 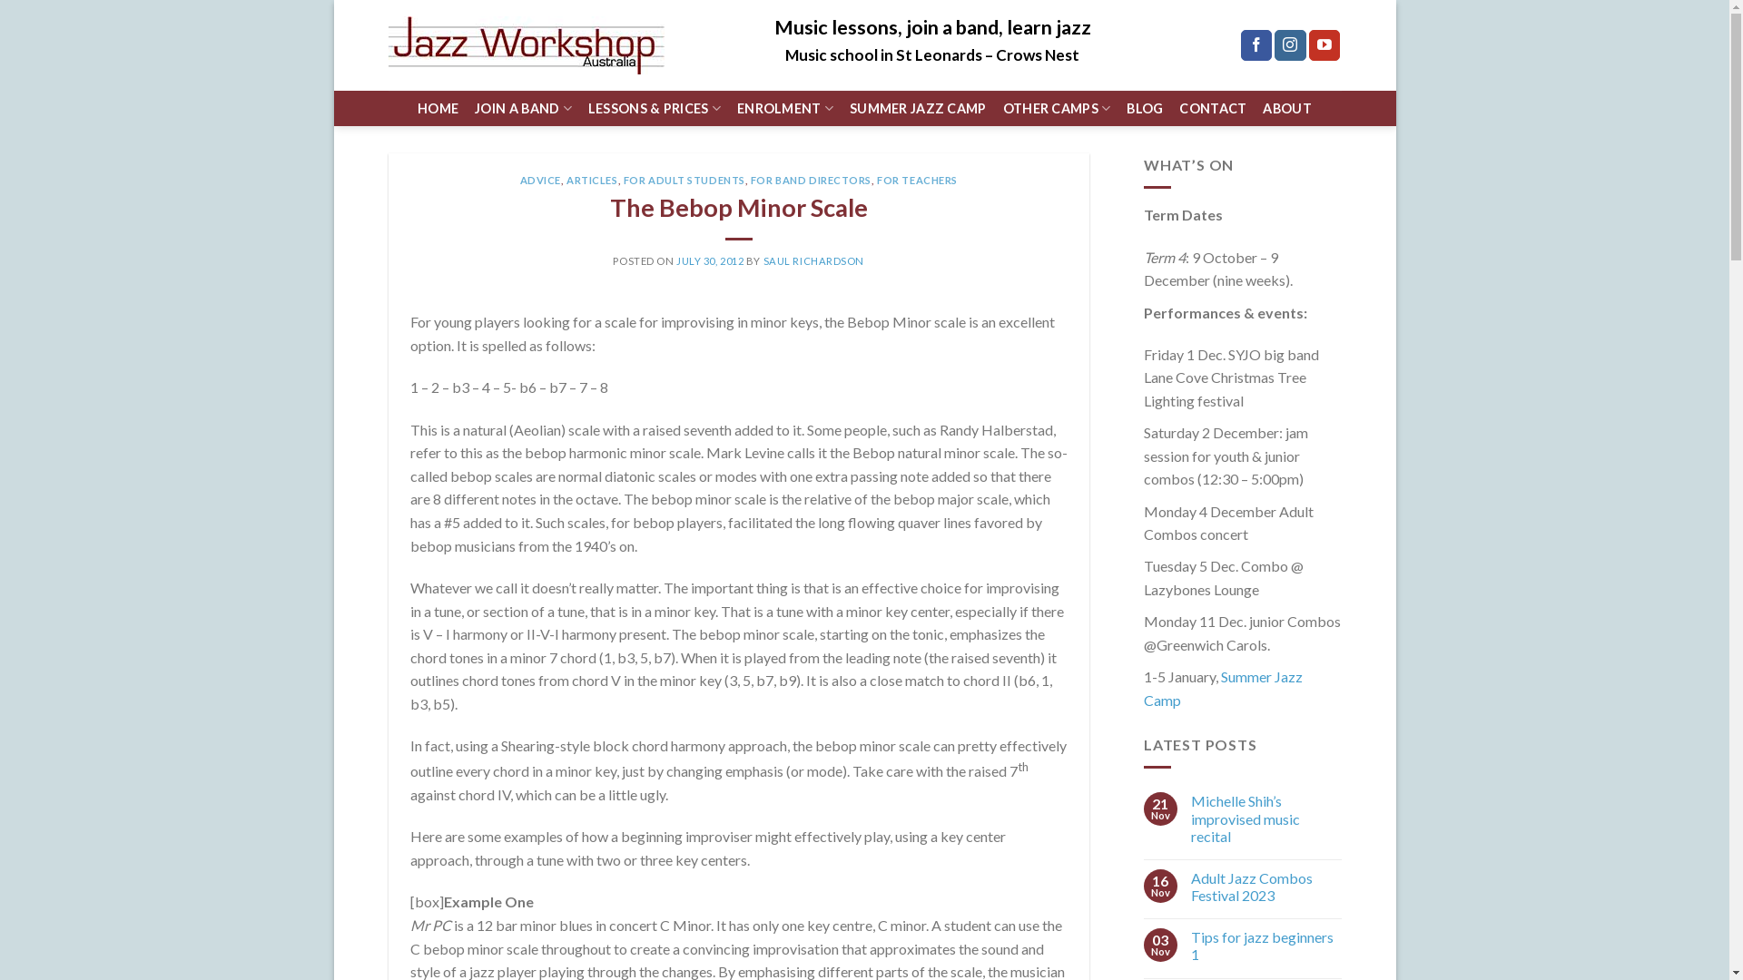 What do you see at coordinates (1255, 44) in the screenshot?
I see `'Follow on Facebook'` at bounding box center [1255, 44].